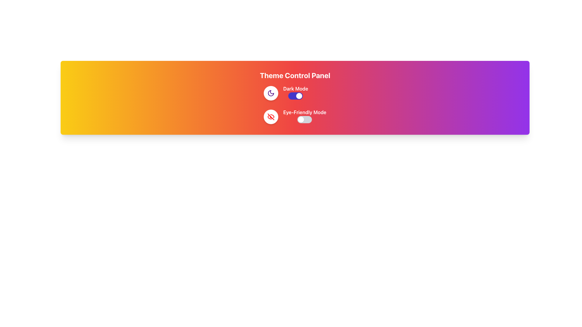 The width and height of the screenshot is (582, 327). I want to click on the red stroke icon resembling a crossed-out eye, located to the left of the toggle switch for the 'Eye-Friendly Mode' in the 'Theme Control Panel', so click(271, 117).